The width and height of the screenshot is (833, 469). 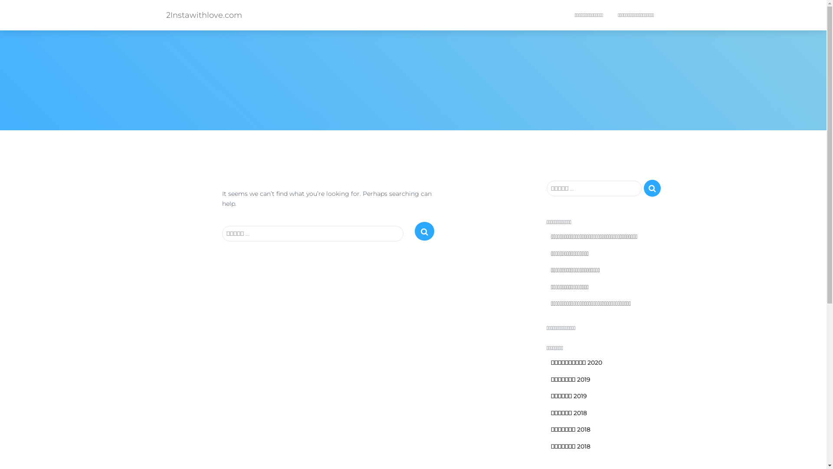 I want to click on '2Instawithlove.com', so click(x=203, y=15).